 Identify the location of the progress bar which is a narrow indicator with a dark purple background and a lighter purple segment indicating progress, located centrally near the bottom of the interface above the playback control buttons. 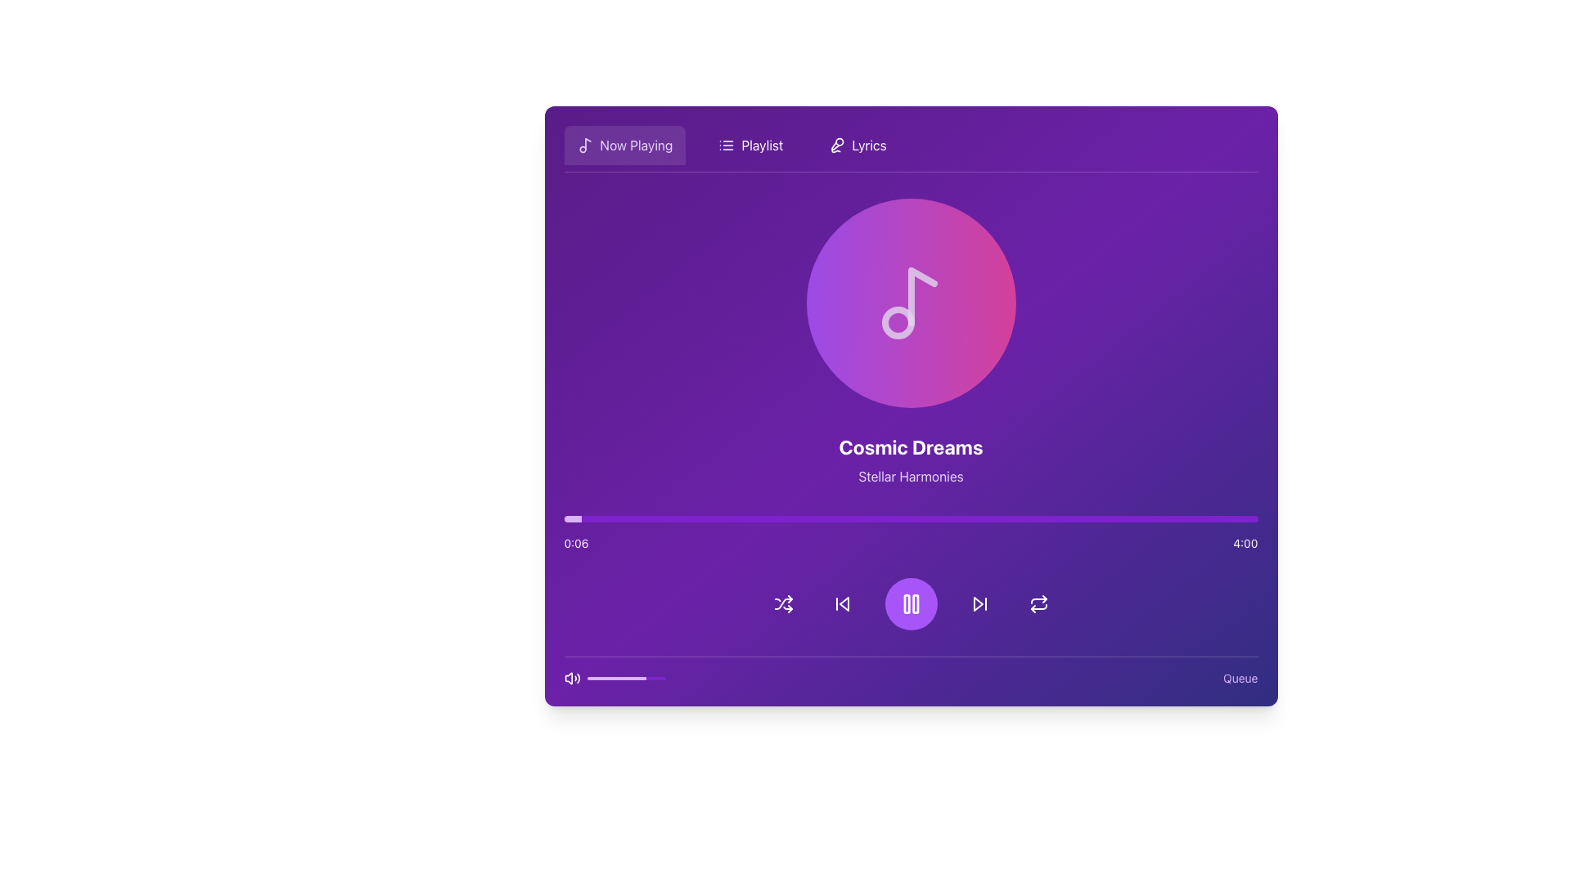
(910, 519).